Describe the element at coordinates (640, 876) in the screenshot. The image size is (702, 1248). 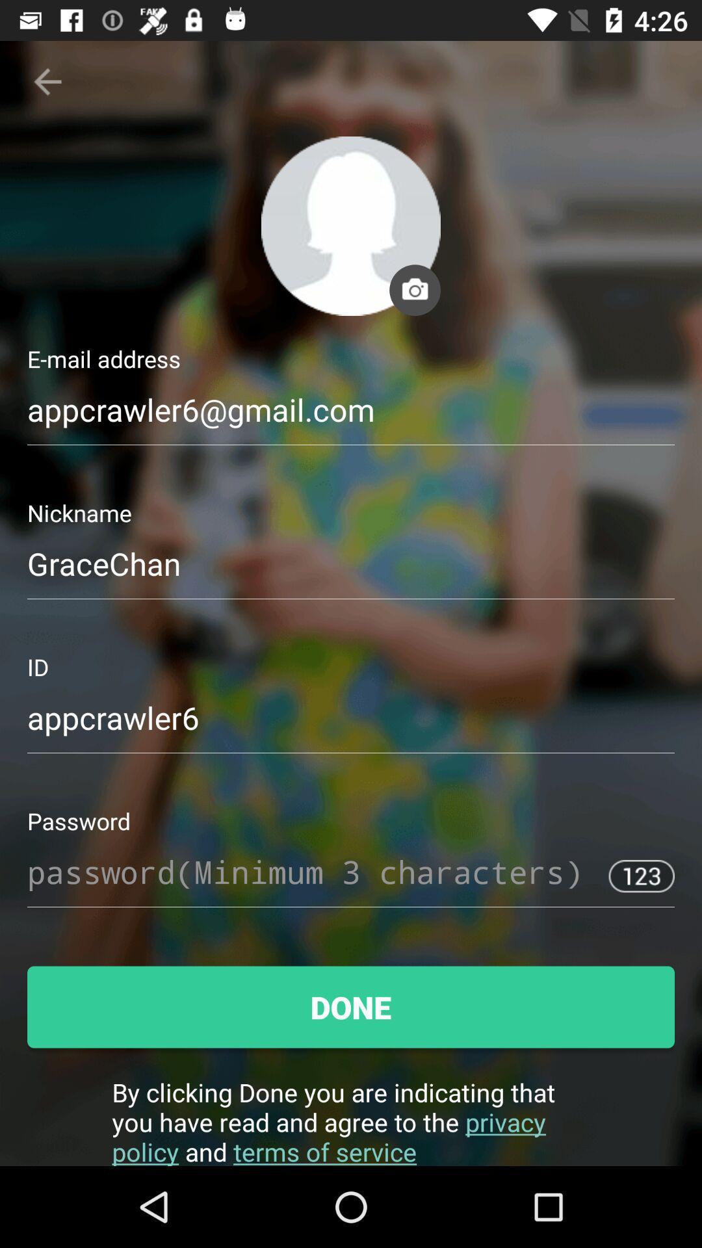
I see `123 button` at that location.